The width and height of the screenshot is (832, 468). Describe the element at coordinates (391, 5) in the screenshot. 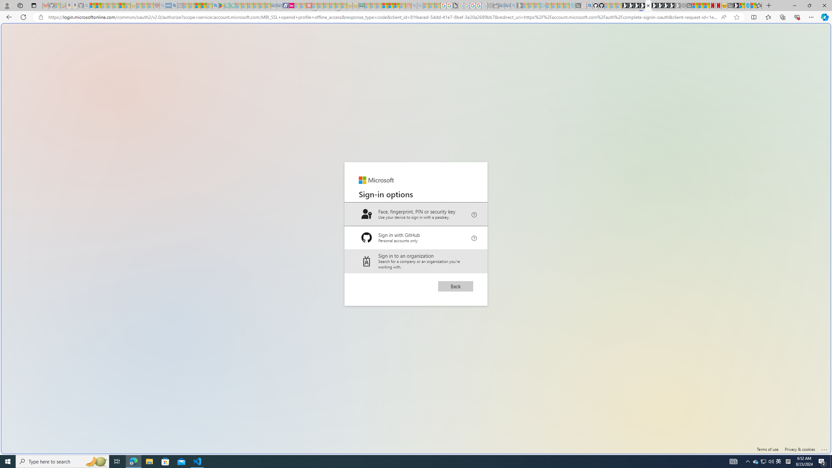

I see `'Kinda Frugal - MSN'` at that location.